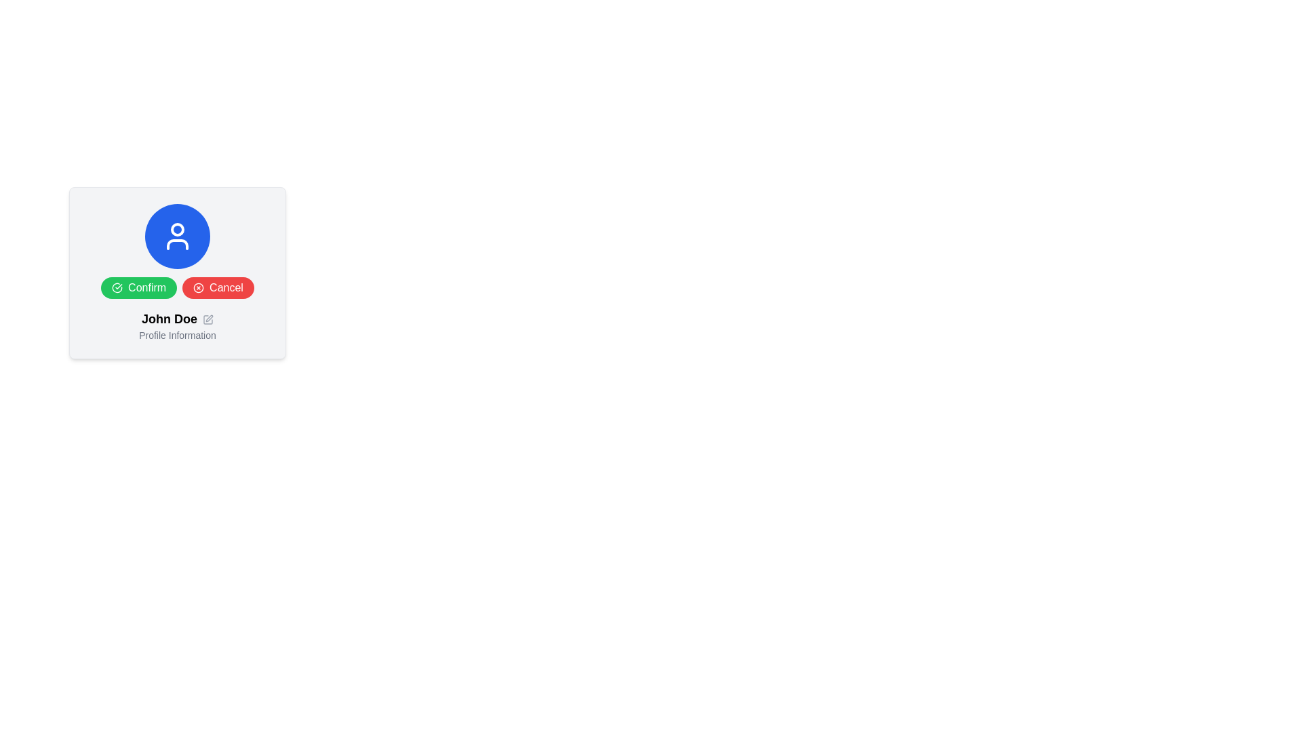 Image resolution: width=1302 pixels, height=732 pixels. What do you see at coordinates (117, 287) in the screenshot?
I see `the circular green checkmark icon located inside the left 'Confirm' button in the control panel below the blue user avatar` at bounding box center [117, 287].